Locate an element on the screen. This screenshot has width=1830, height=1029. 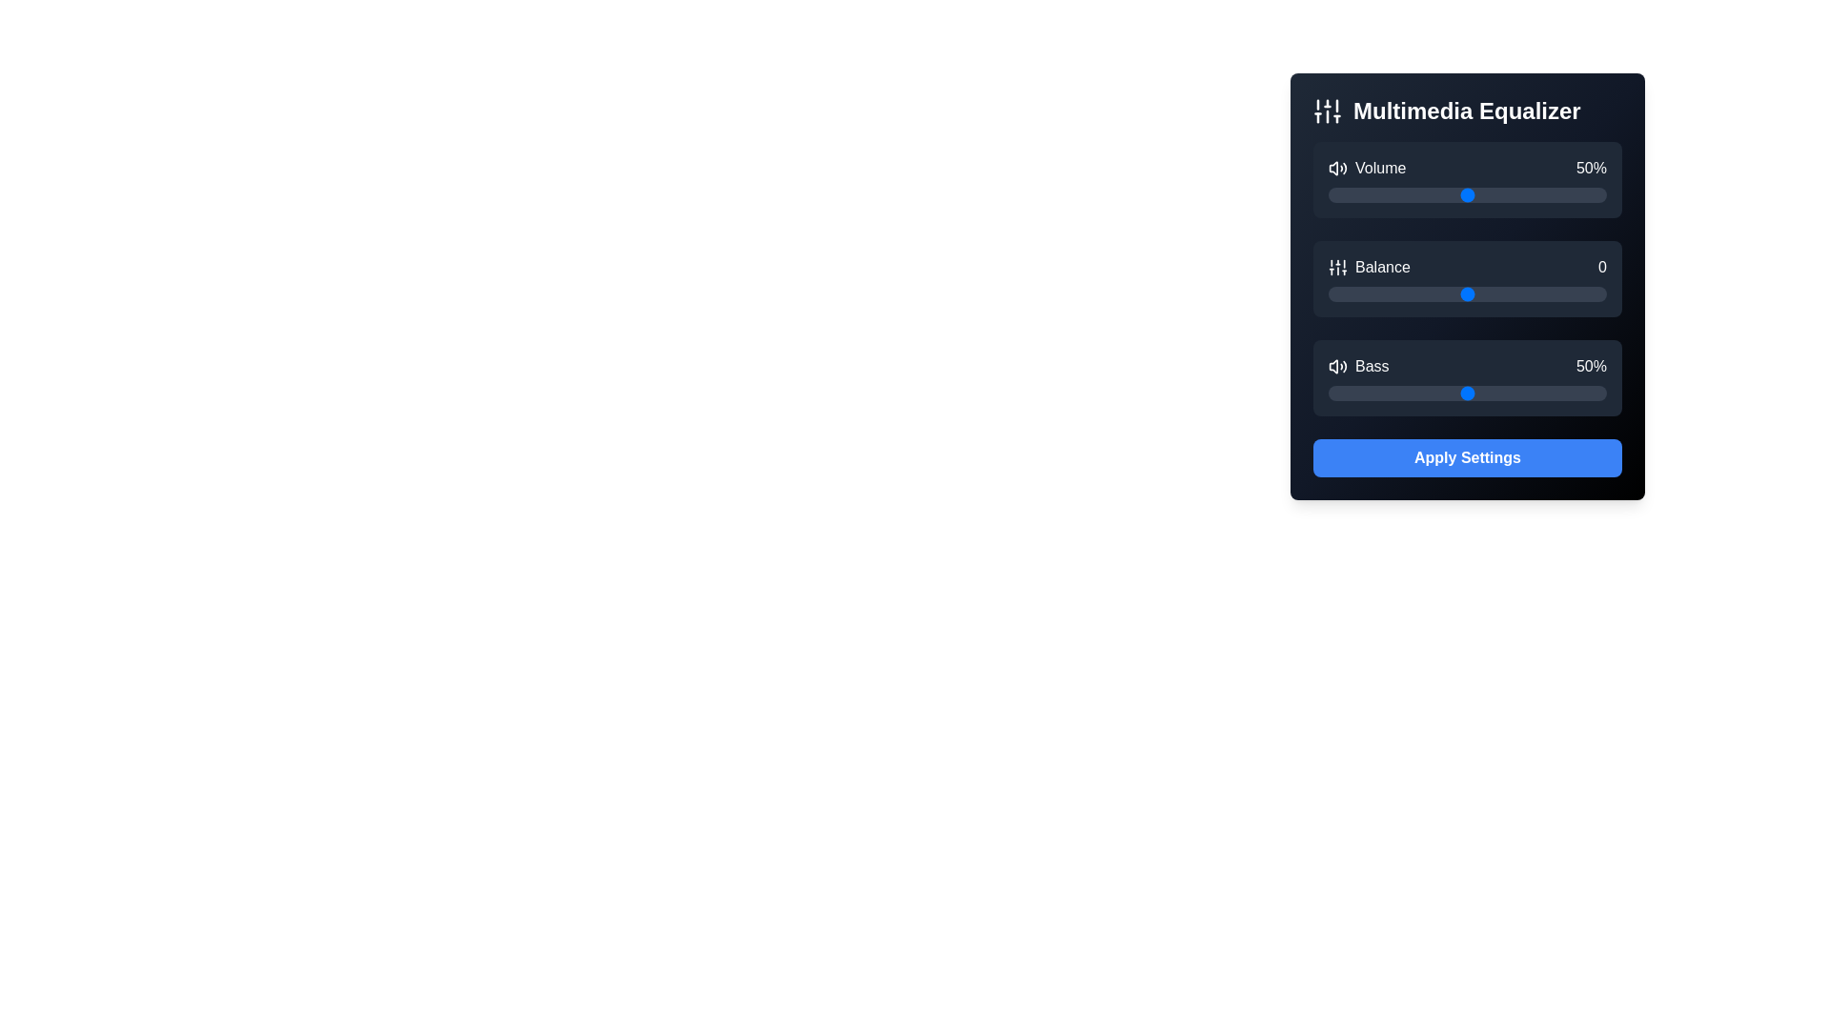
the rectangular button with a bright blue background and white text that reads 'Apply Settings', located at the bottom of the 'Multimedia Equalizer' control panel is located at coordinates (1467, 458).